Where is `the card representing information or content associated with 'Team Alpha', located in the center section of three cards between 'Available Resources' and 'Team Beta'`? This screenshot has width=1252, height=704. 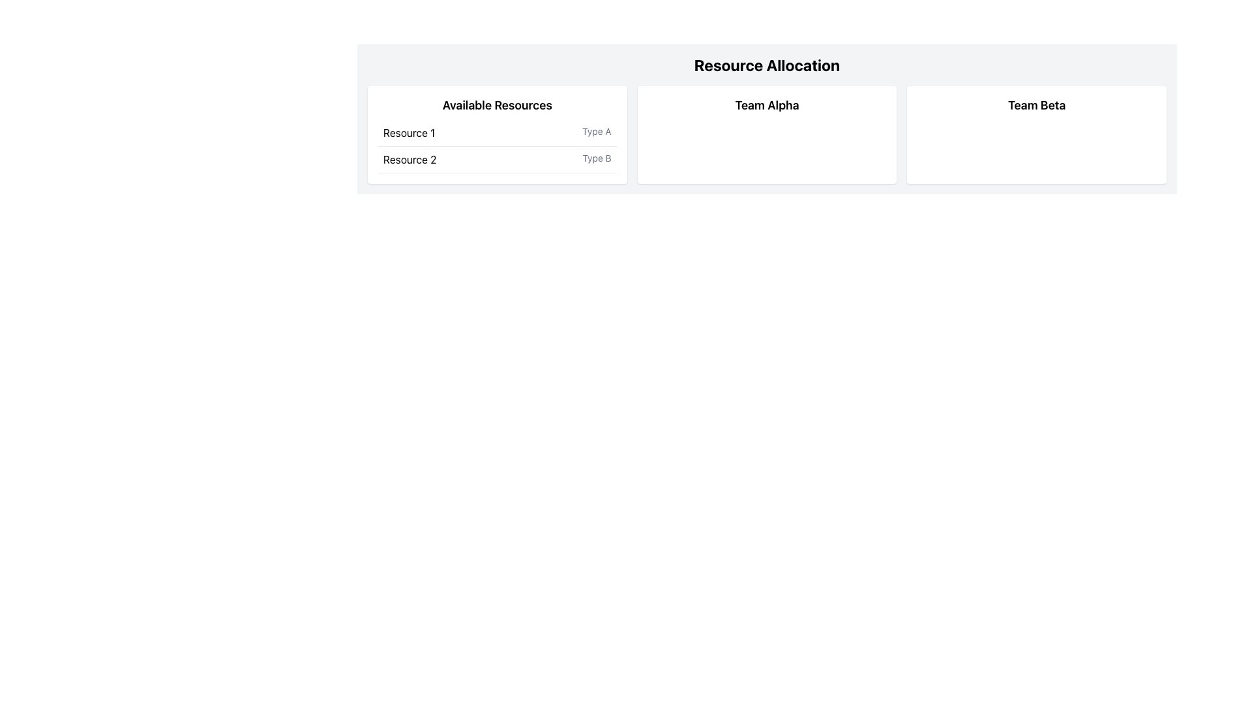 the card representing information or content associated with 'Team Alpha', located in the center section of three cards between 'Available Resources' and 'Team Beta' is located at coordinates (767, 135).